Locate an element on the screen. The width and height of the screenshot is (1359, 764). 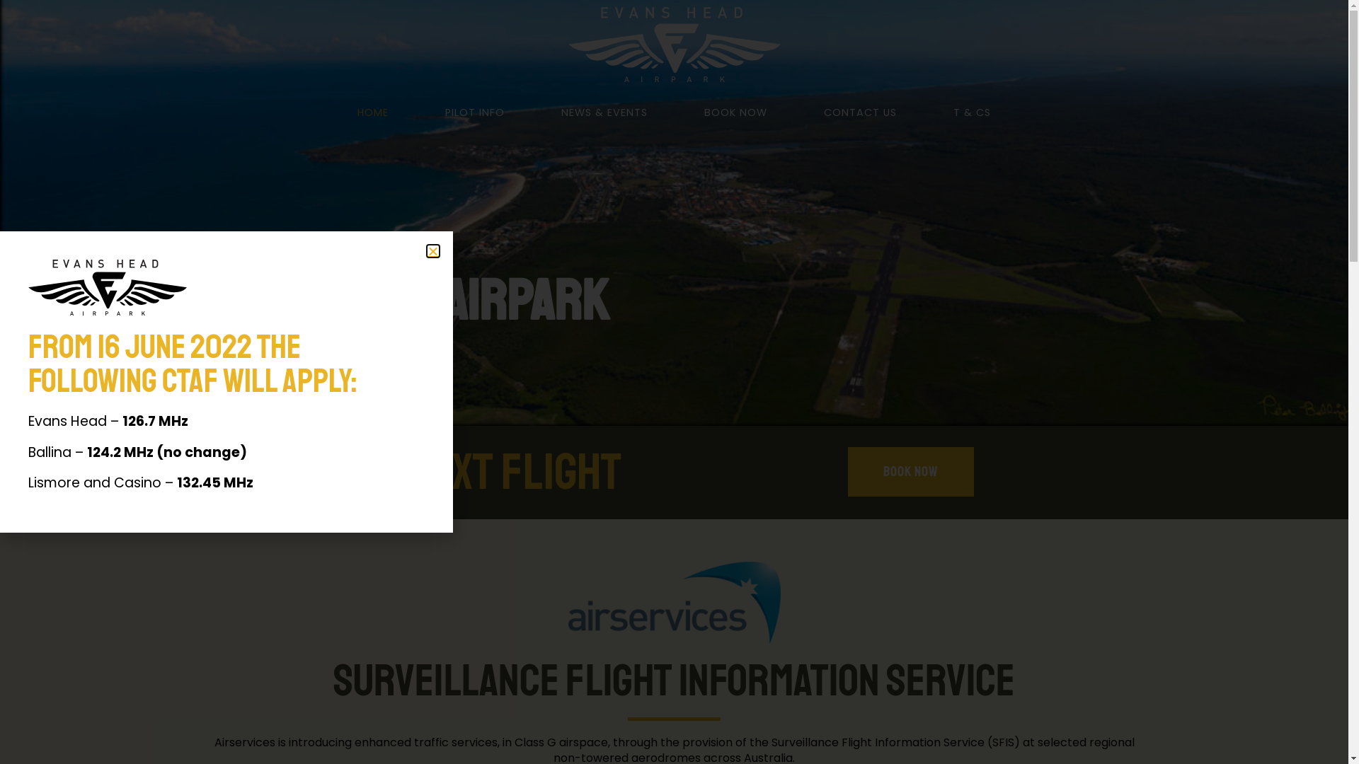
'NEWS & EVENTS' is located at coordinates (532, 111).